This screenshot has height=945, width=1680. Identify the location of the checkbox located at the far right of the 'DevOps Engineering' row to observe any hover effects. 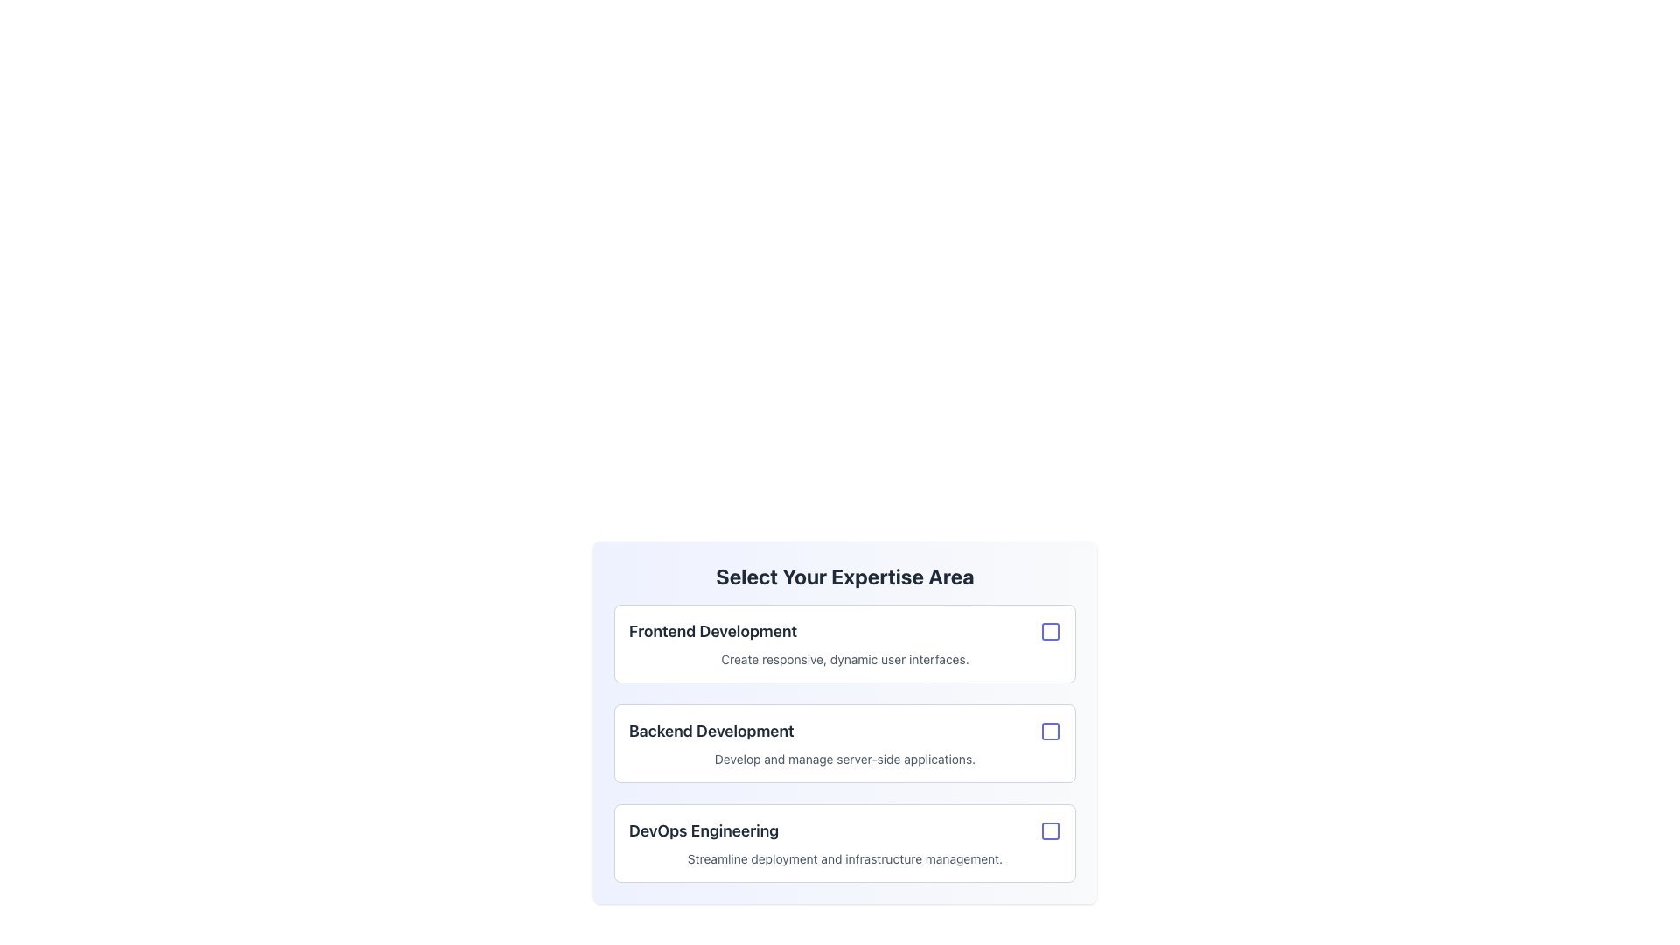
(1050, 829).